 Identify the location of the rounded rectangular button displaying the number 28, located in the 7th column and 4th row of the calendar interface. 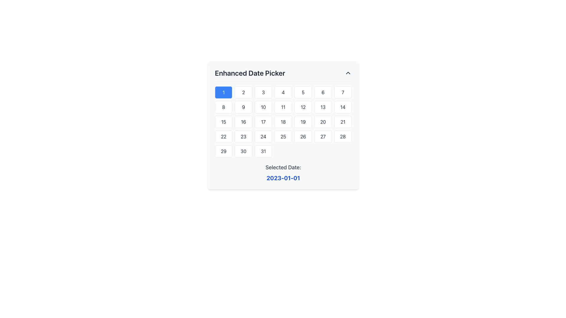
(343, 136).